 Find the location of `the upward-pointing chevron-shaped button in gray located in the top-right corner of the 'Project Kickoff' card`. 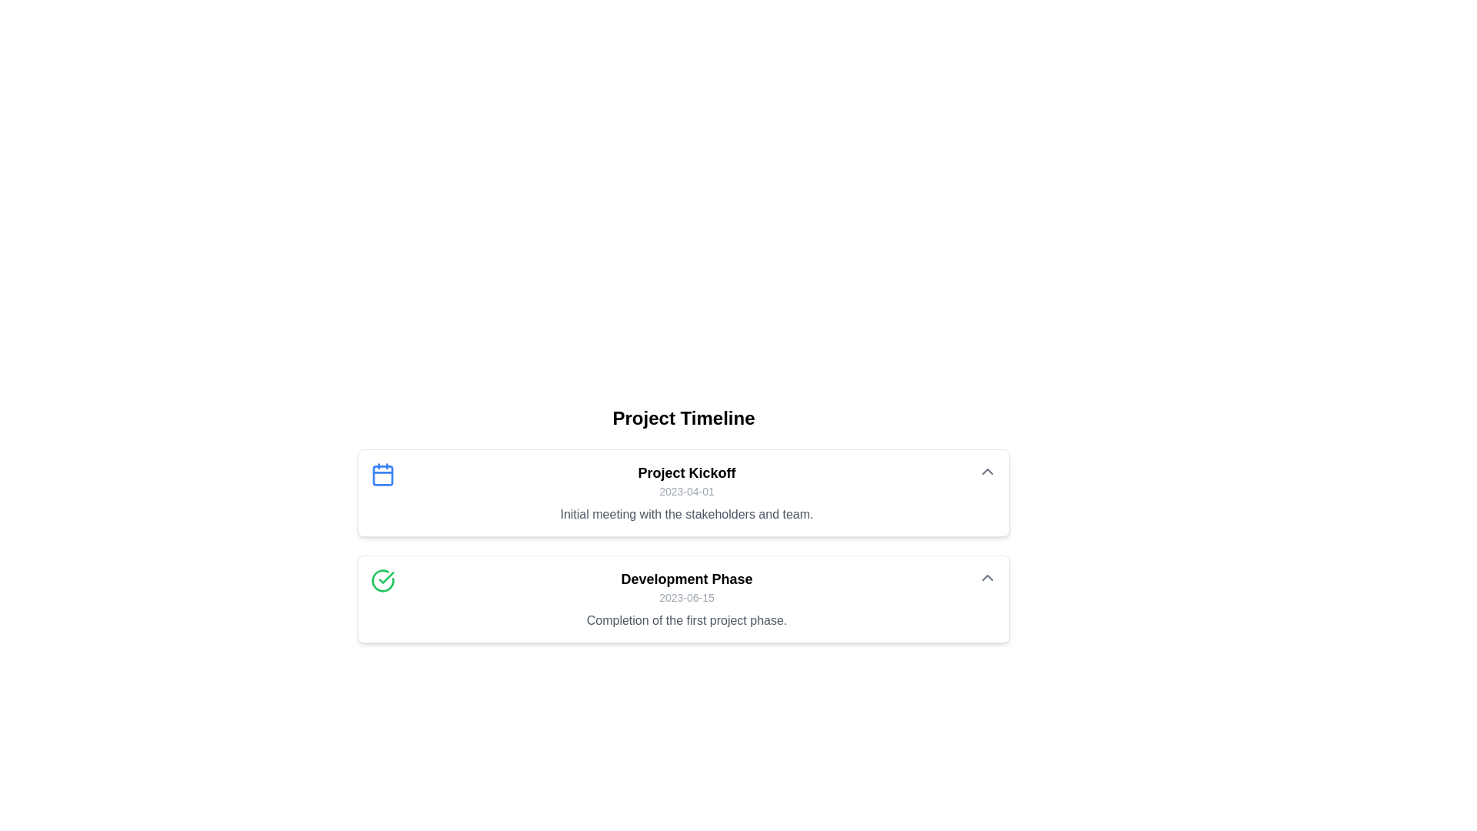

the upward-pointing chevron-shaped button in gray located in the top-right corner of the 'Project Kickoff' card is located at coordinates (987, 471).